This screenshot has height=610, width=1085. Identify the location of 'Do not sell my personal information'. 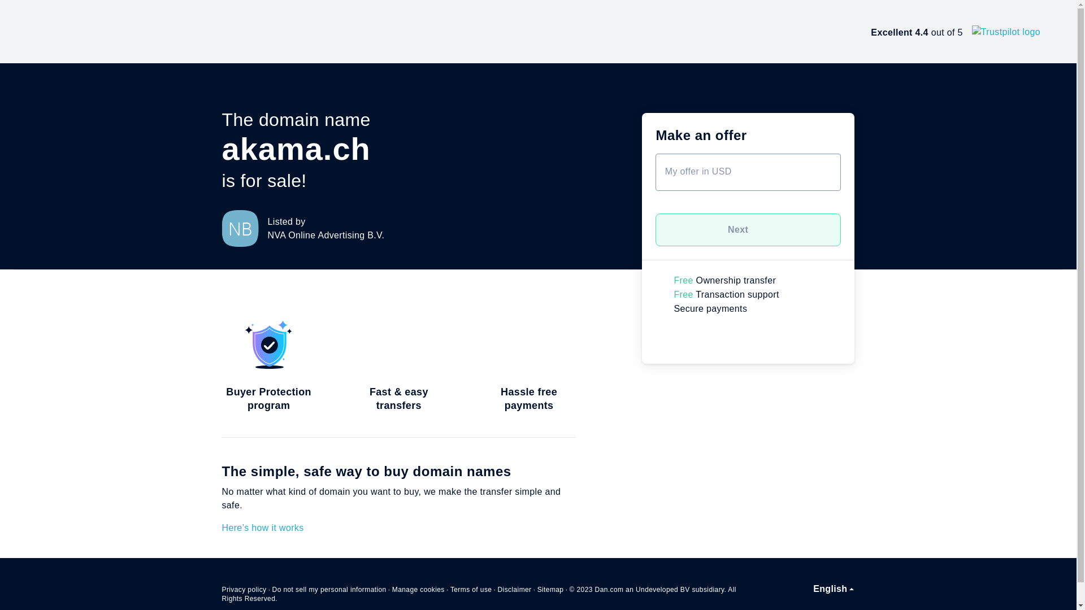
(328, 589).